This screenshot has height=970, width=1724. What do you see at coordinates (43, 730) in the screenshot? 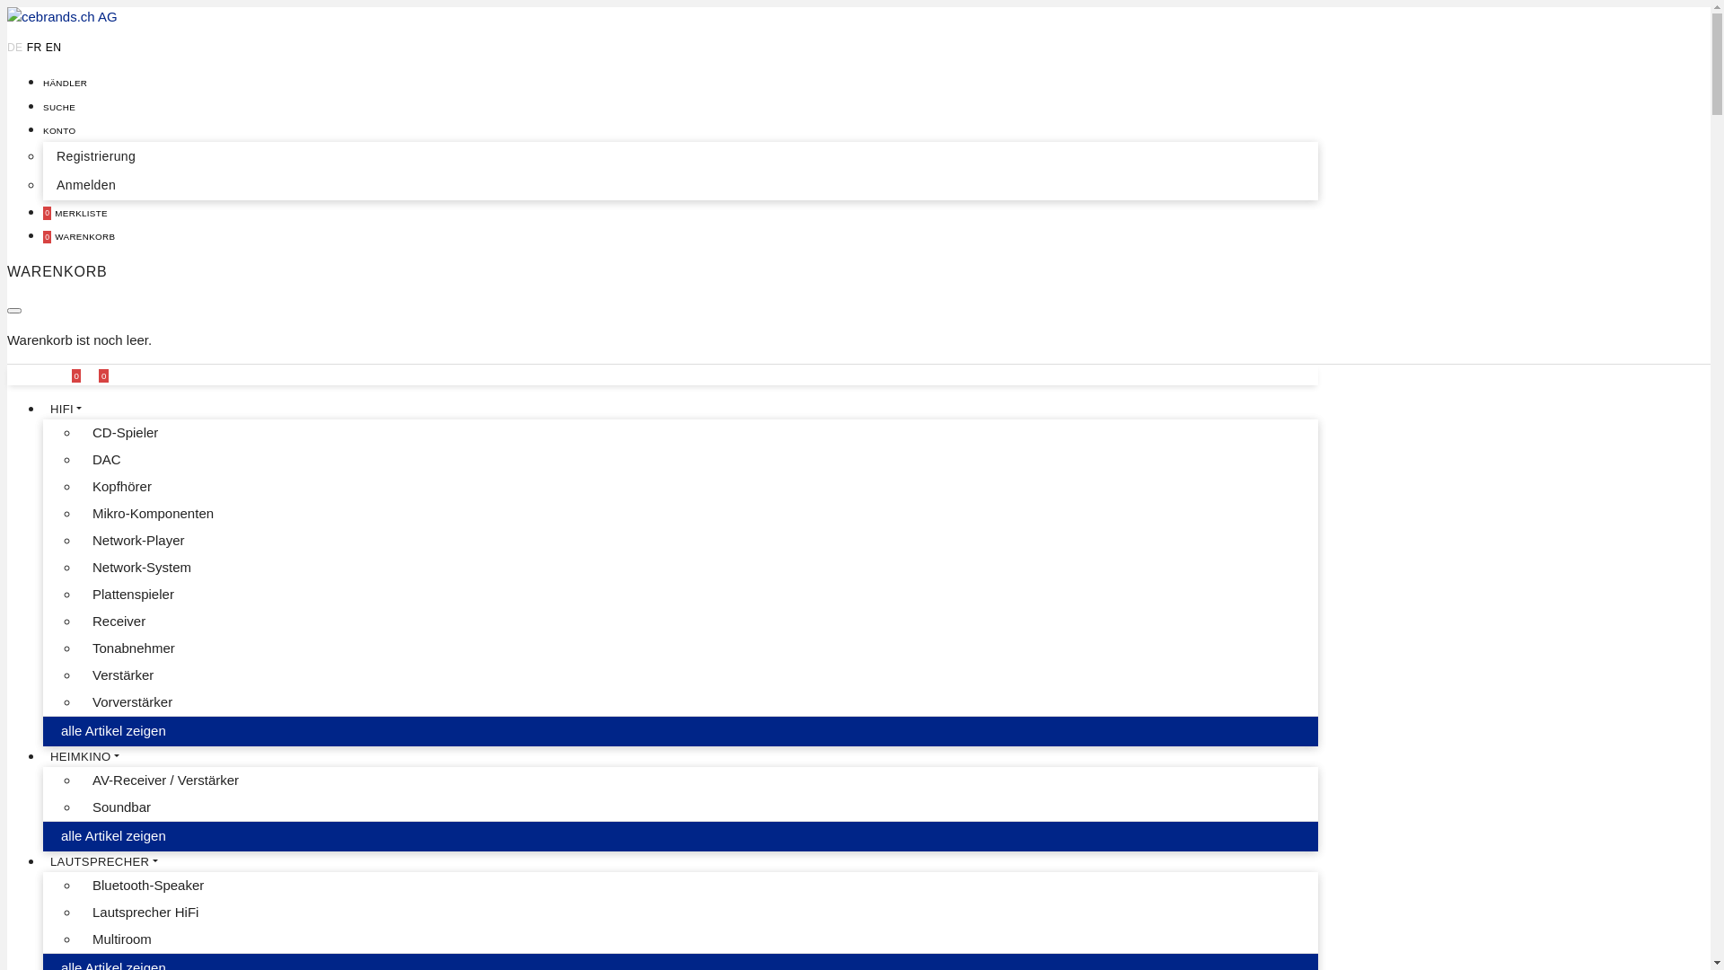
I see `'alle Artikel zeigen'` at bounding box center [43, 730].